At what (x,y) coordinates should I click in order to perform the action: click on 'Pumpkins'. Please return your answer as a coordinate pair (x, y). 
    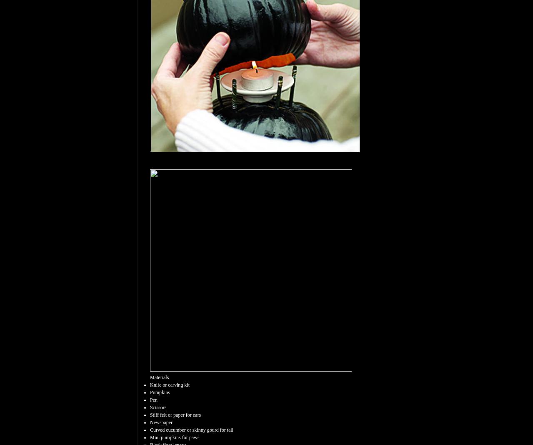
    Looking at the image, I should click on (150, 392).